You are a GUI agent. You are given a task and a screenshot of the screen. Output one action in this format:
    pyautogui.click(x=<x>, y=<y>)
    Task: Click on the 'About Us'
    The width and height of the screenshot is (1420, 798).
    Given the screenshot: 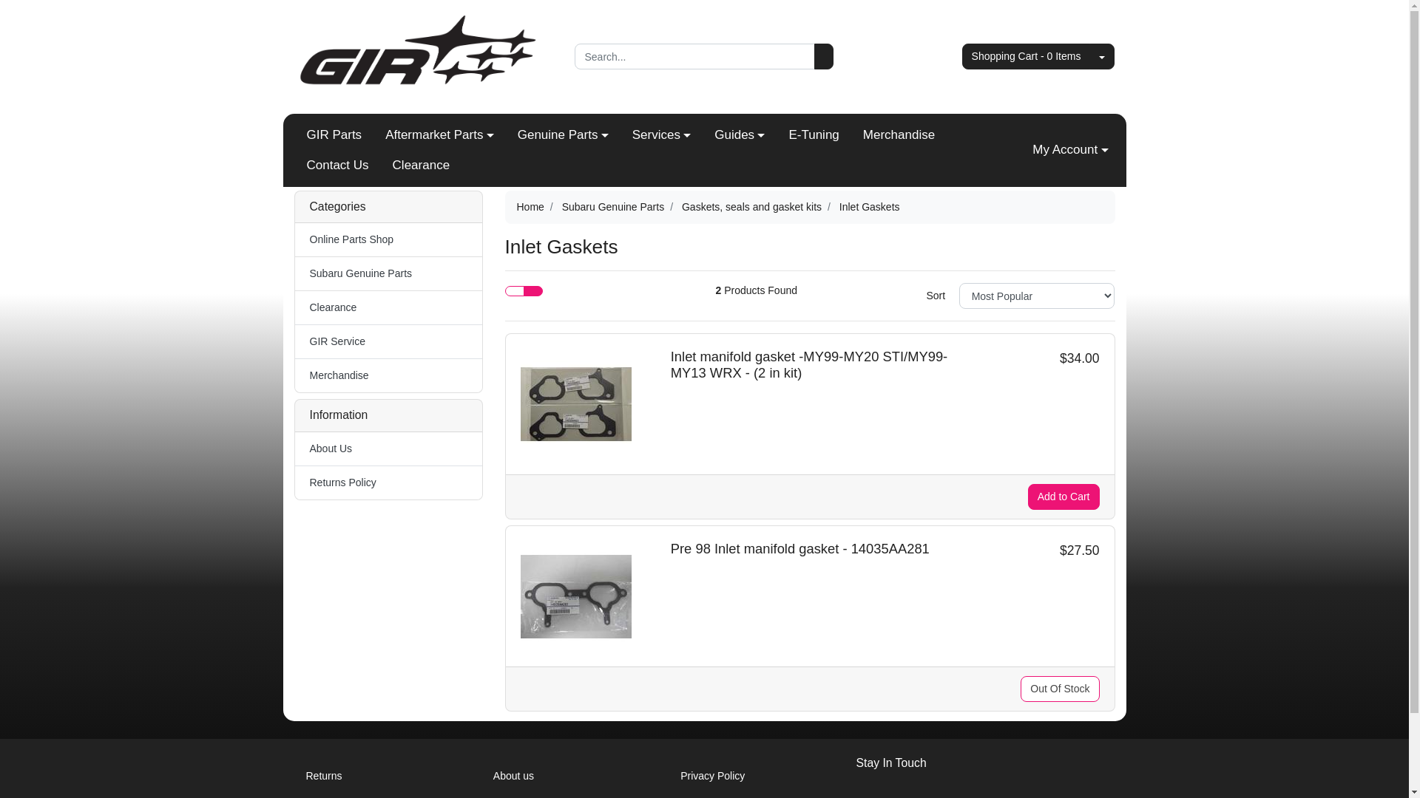 What is the action you would take?
    pyautogui.click(x=294, y=448)
    